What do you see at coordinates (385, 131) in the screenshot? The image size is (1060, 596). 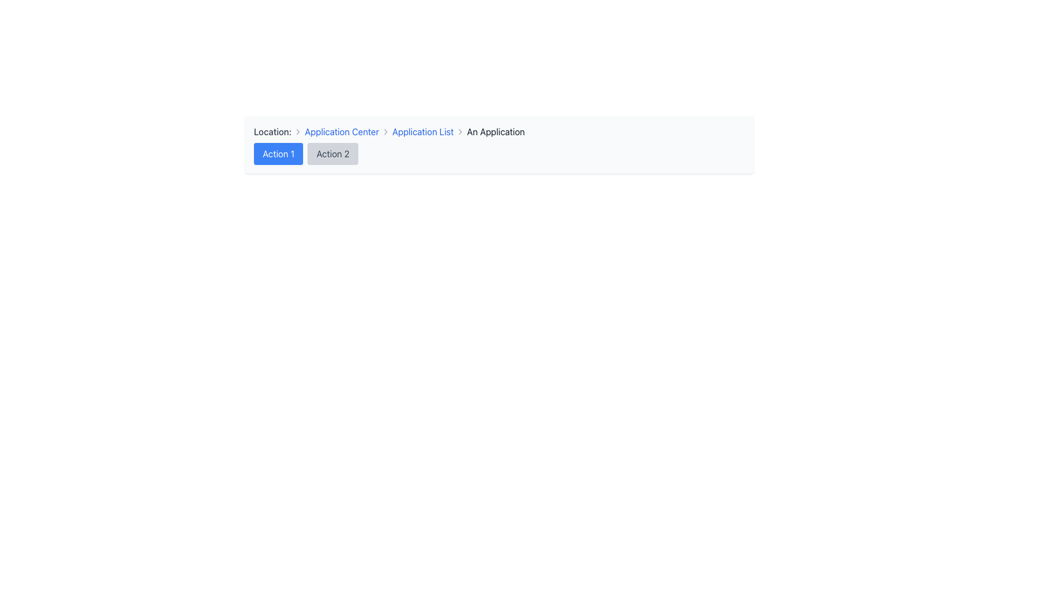 I see `second chevron icon in the breadcrumb navigation bar, located between the 'Application Center' link and the 'Application List' link` at bounding box center [385, 131].